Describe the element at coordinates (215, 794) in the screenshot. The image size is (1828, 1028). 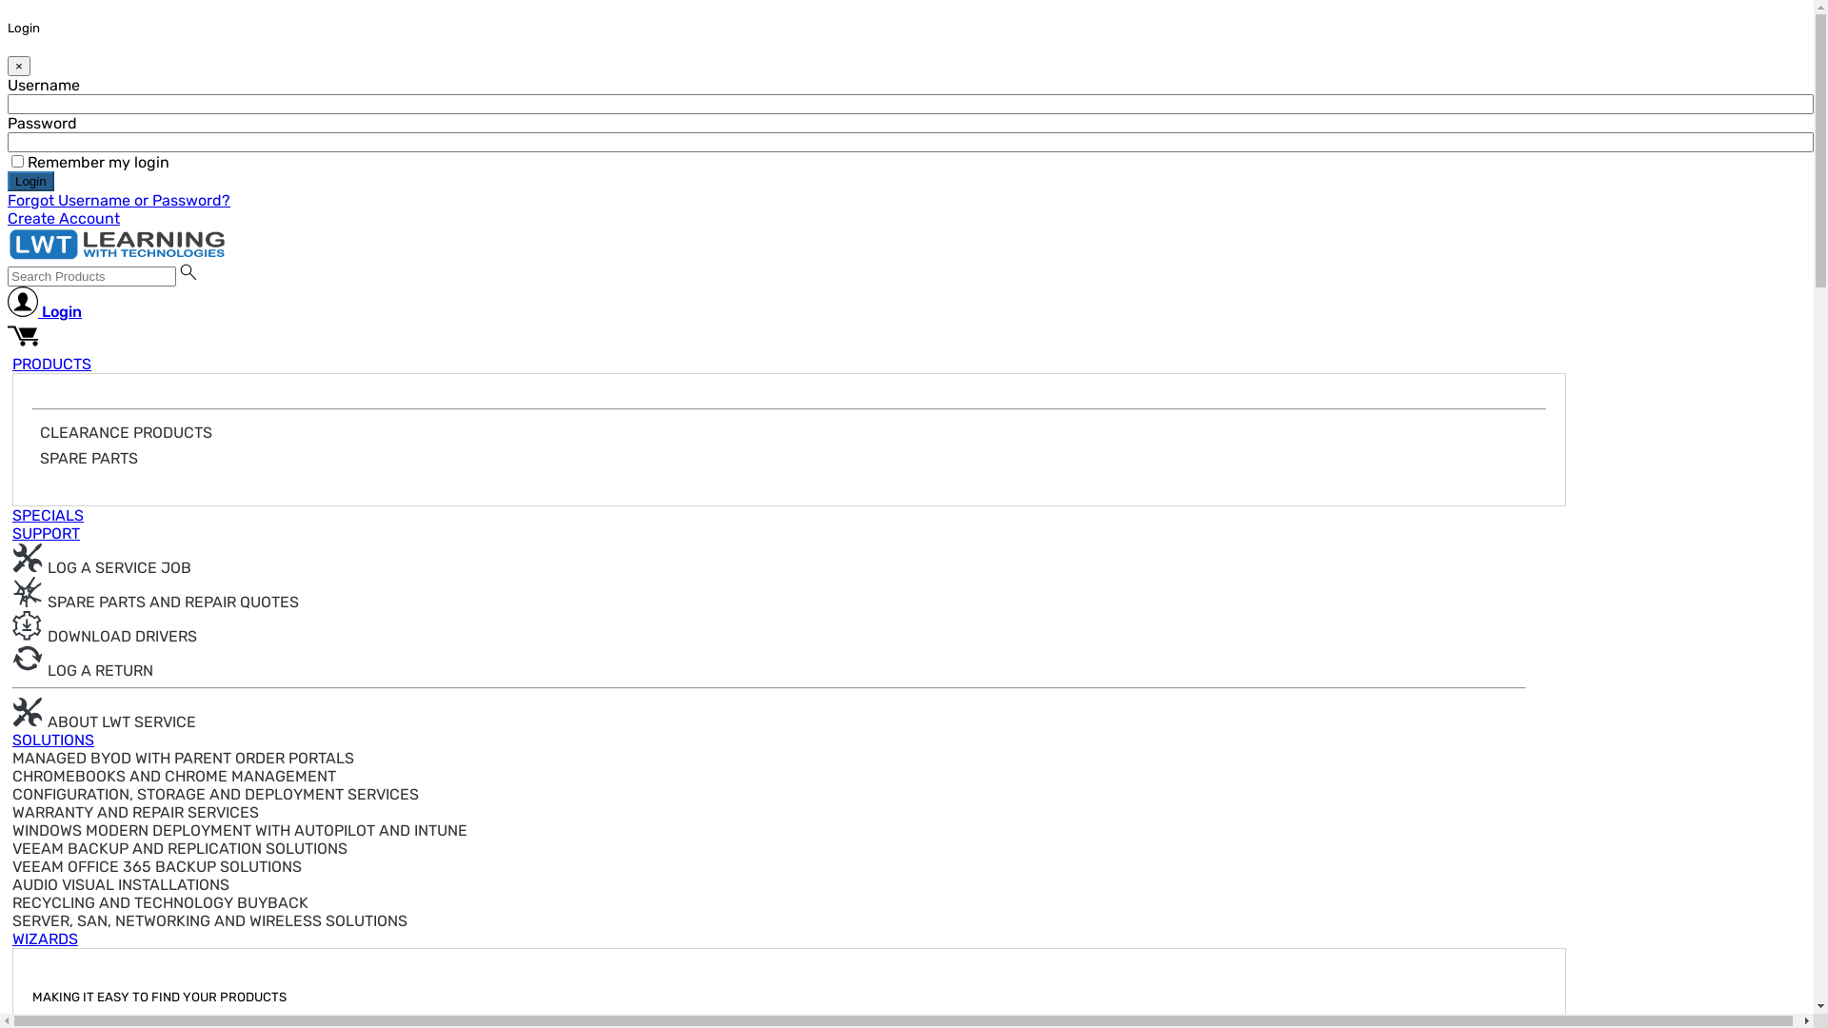
I see `'CONFIGURATION, STORAGE AND DEPLOYMENT SERVICES'` at that location.